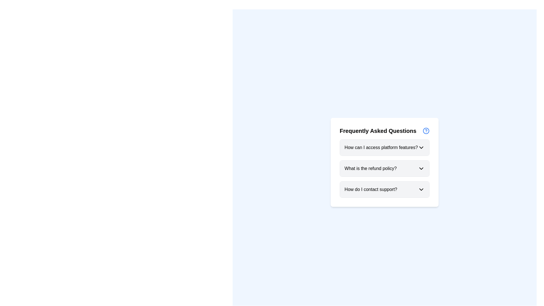  Describe the element at coordinates (384, 189) in the screenshot. I see `the collapsible menu item labeled 'How do I contact support?'` at that location.